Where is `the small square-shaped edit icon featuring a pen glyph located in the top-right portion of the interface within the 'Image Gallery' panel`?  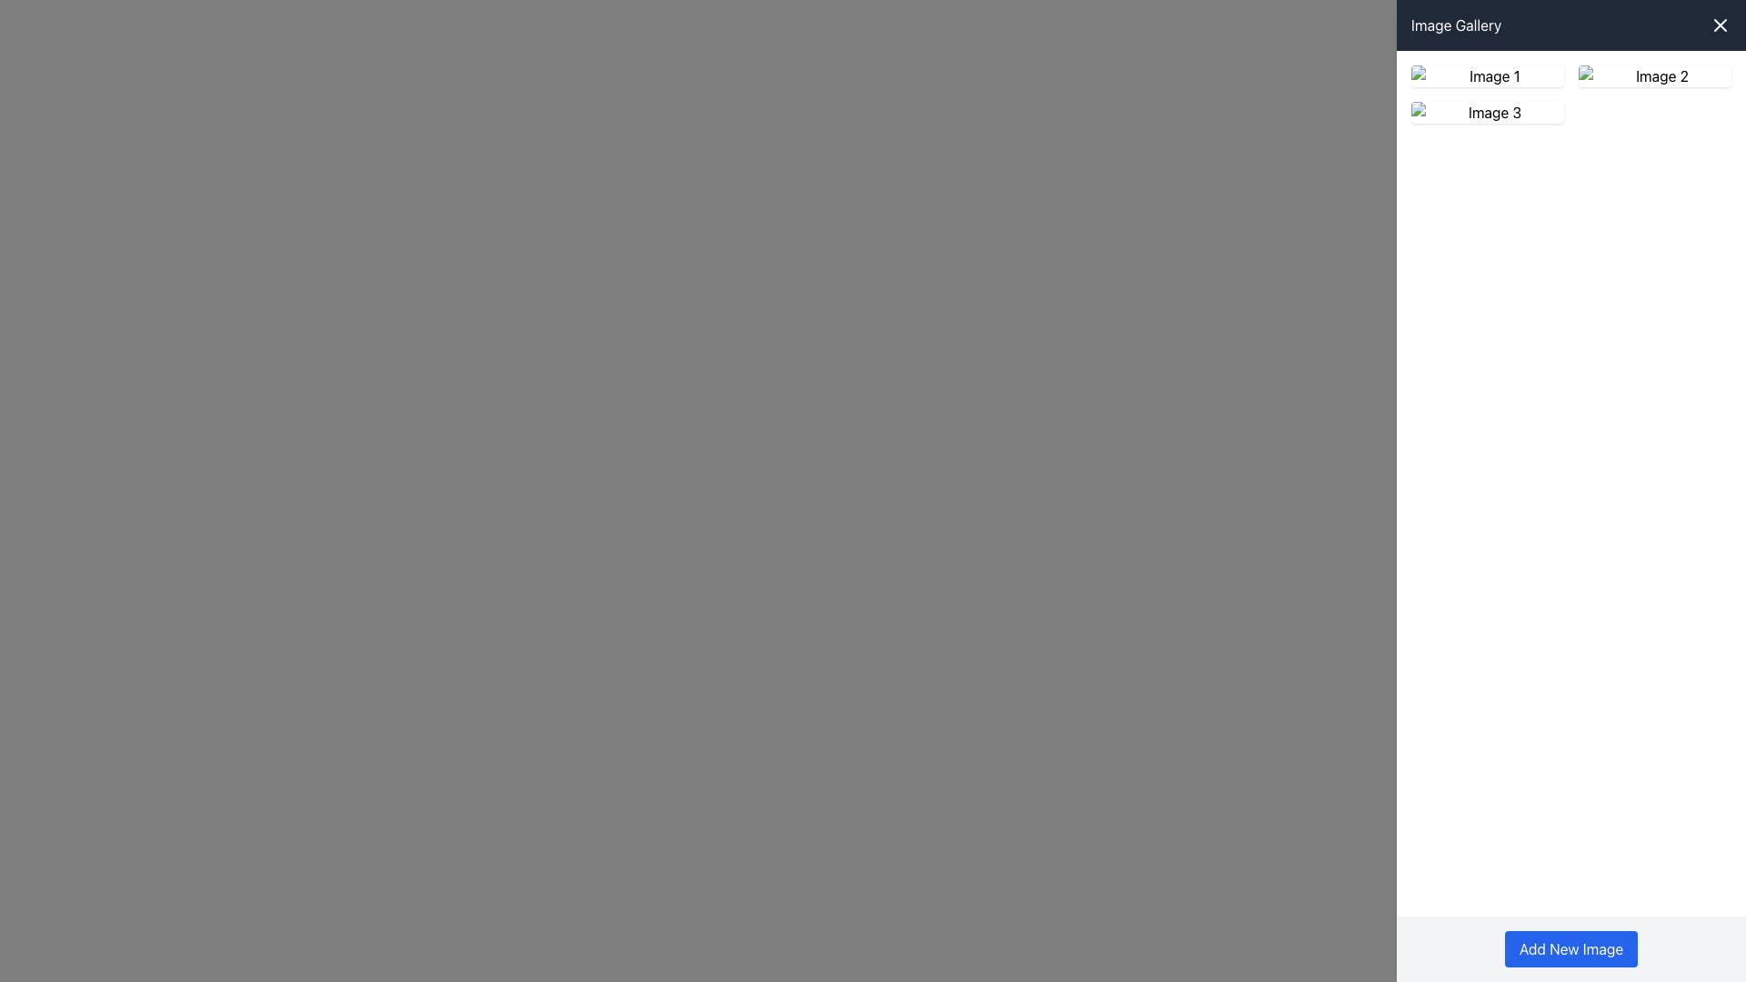 the small square-shaped edit icon featuring a pen glyph located in the top-right portion of the interface within the 'Image Gallery' panel is located at coordinates (1488, 112).